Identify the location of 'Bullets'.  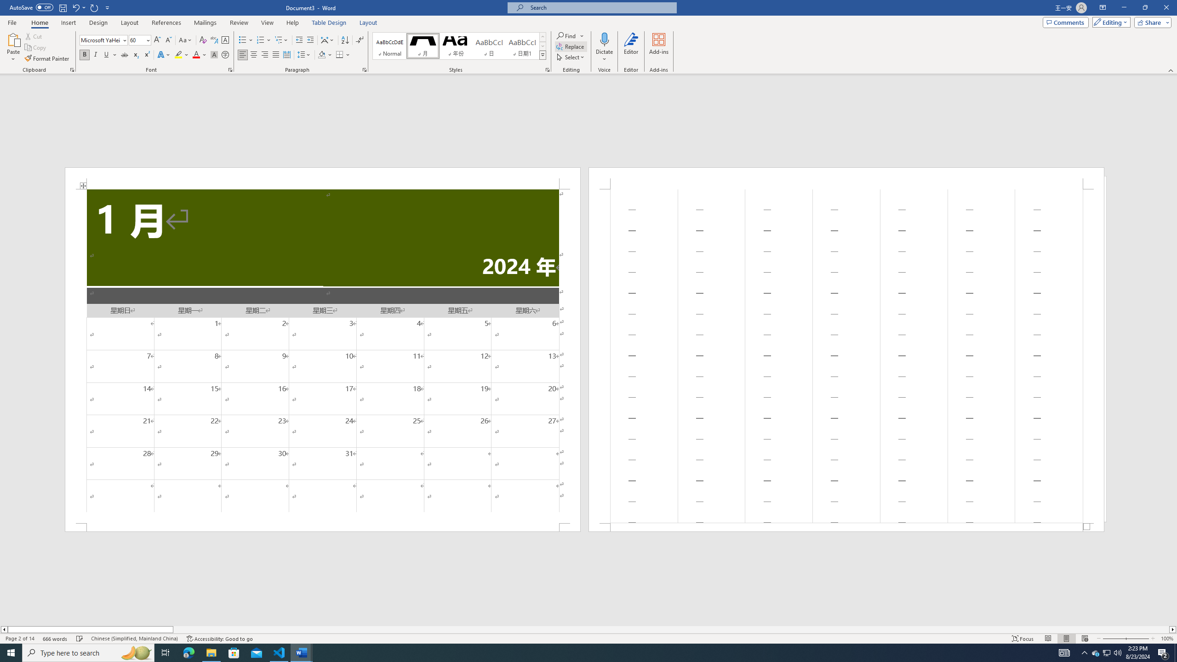
(246, 40).